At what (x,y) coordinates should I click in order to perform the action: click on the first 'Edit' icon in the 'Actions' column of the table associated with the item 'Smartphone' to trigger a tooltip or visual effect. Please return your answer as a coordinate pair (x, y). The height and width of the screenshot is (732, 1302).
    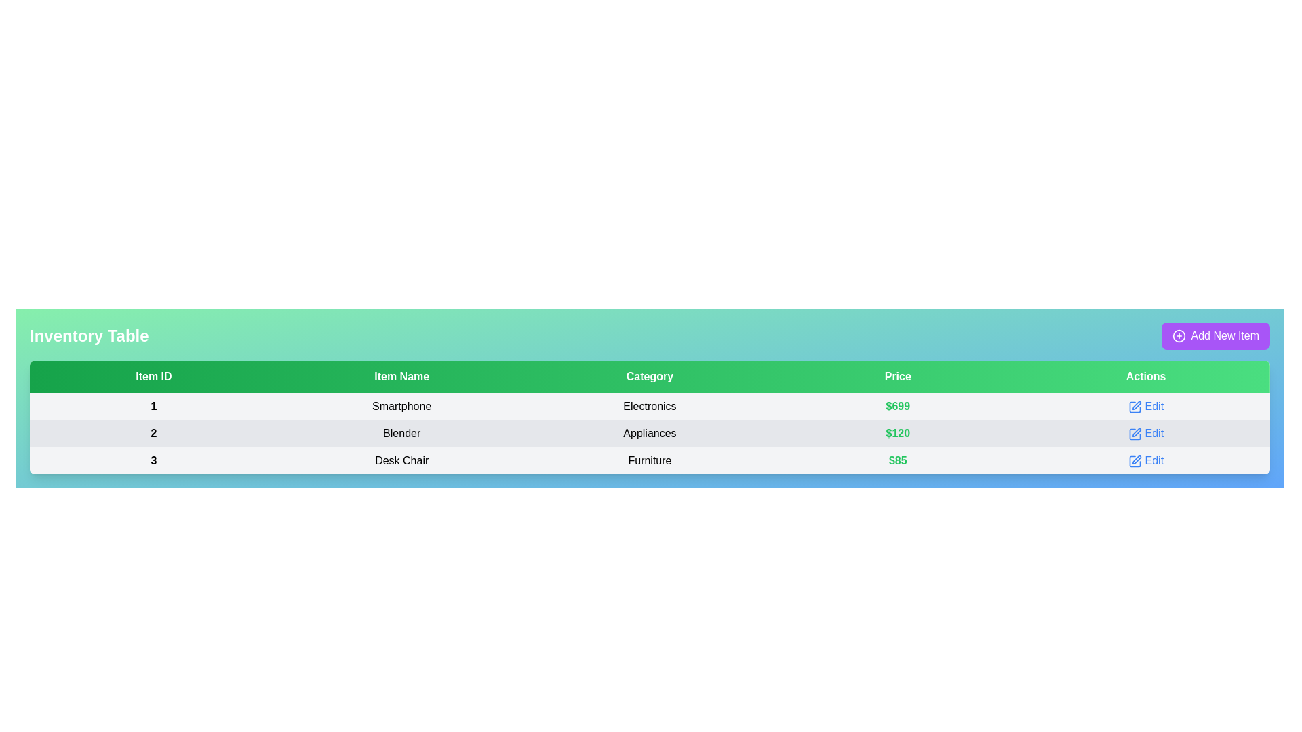
    Looking at the image, I should click on (1135, 406).